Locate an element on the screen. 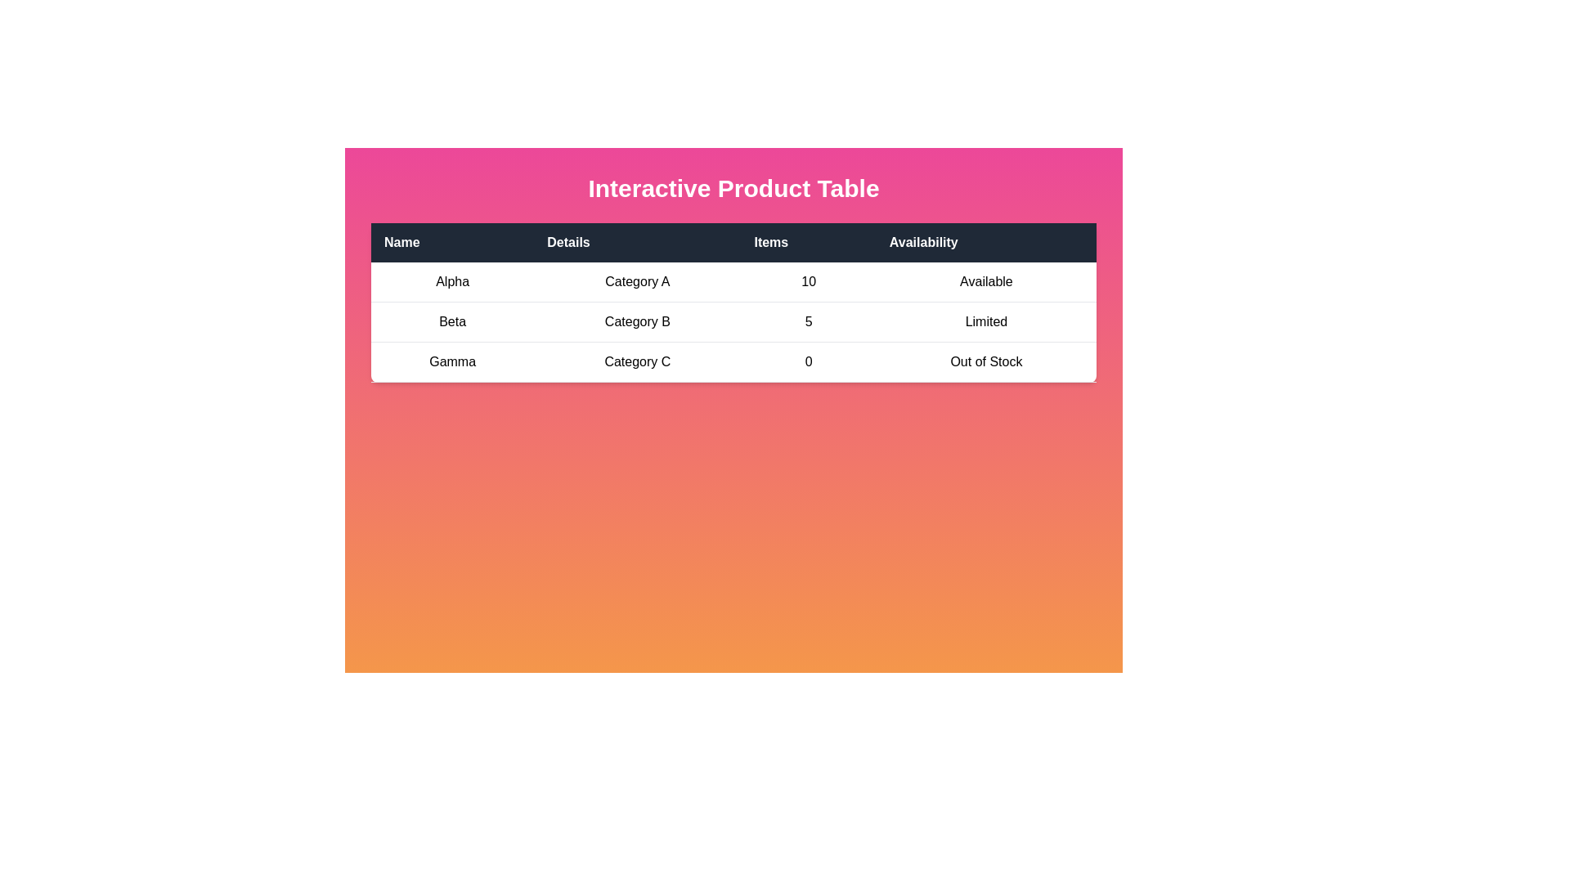 Image resolution: width=1570 pixels, height=883 pixels. the text label indicating the limited stock availability in the fourth column of the second row of the table is located at coordinates (985, 321).